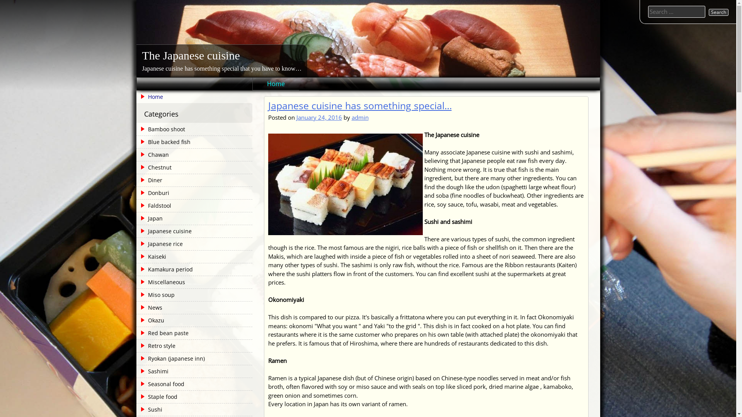 This screenshot has height=417, width=742. What do you see at coordinates (152, 256) in the screenshot?
I see `'Kaiseki'` at bounding box center [152, 256].